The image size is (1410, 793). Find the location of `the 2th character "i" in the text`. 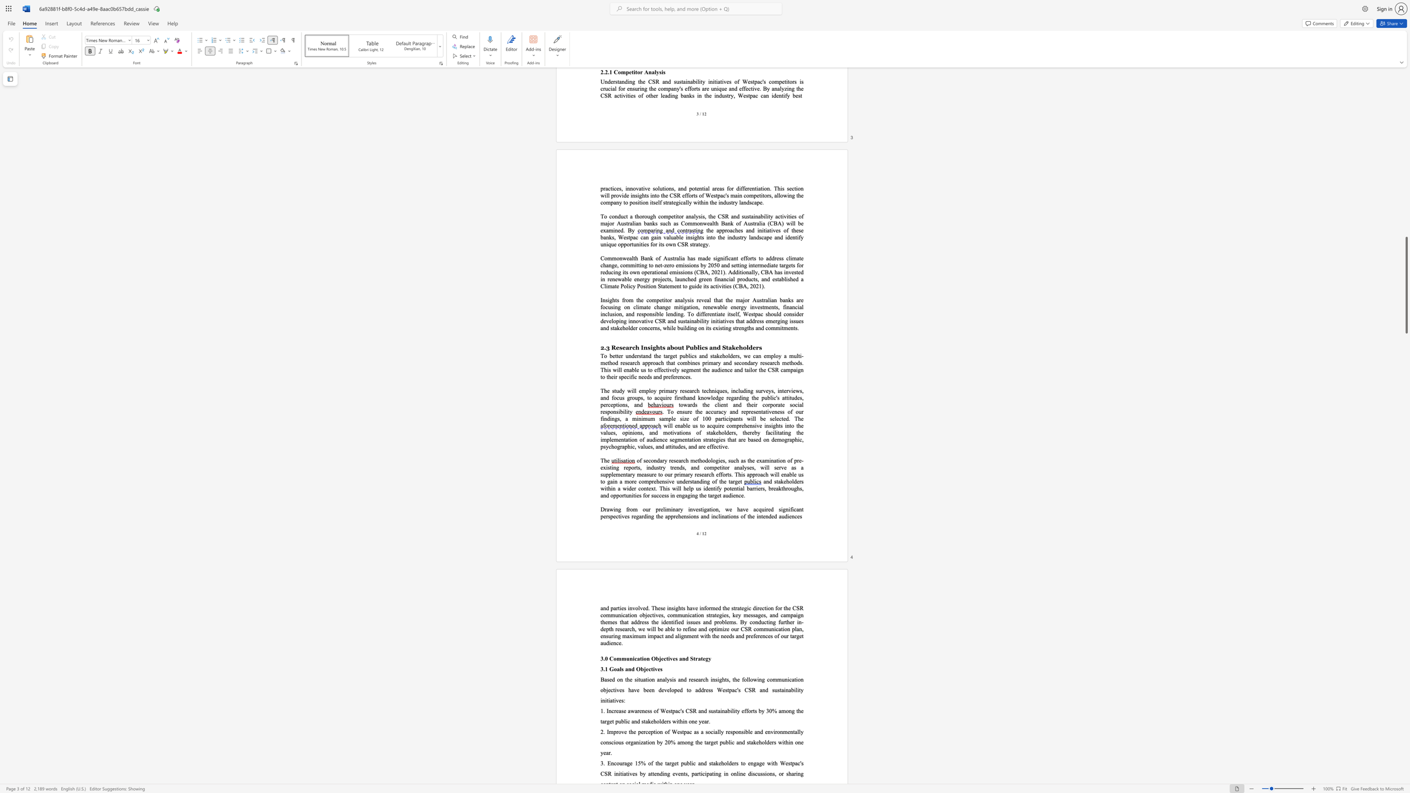

the 2th character "i" in the text is located at coordinates (789, 509).